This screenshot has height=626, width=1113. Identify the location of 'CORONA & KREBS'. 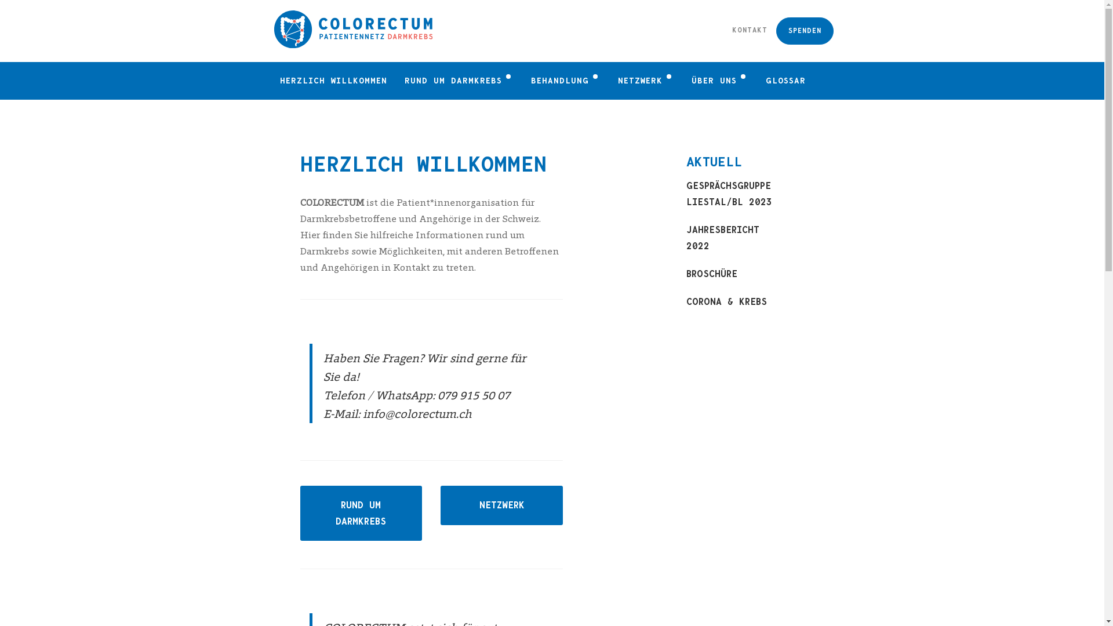
(729, 301).